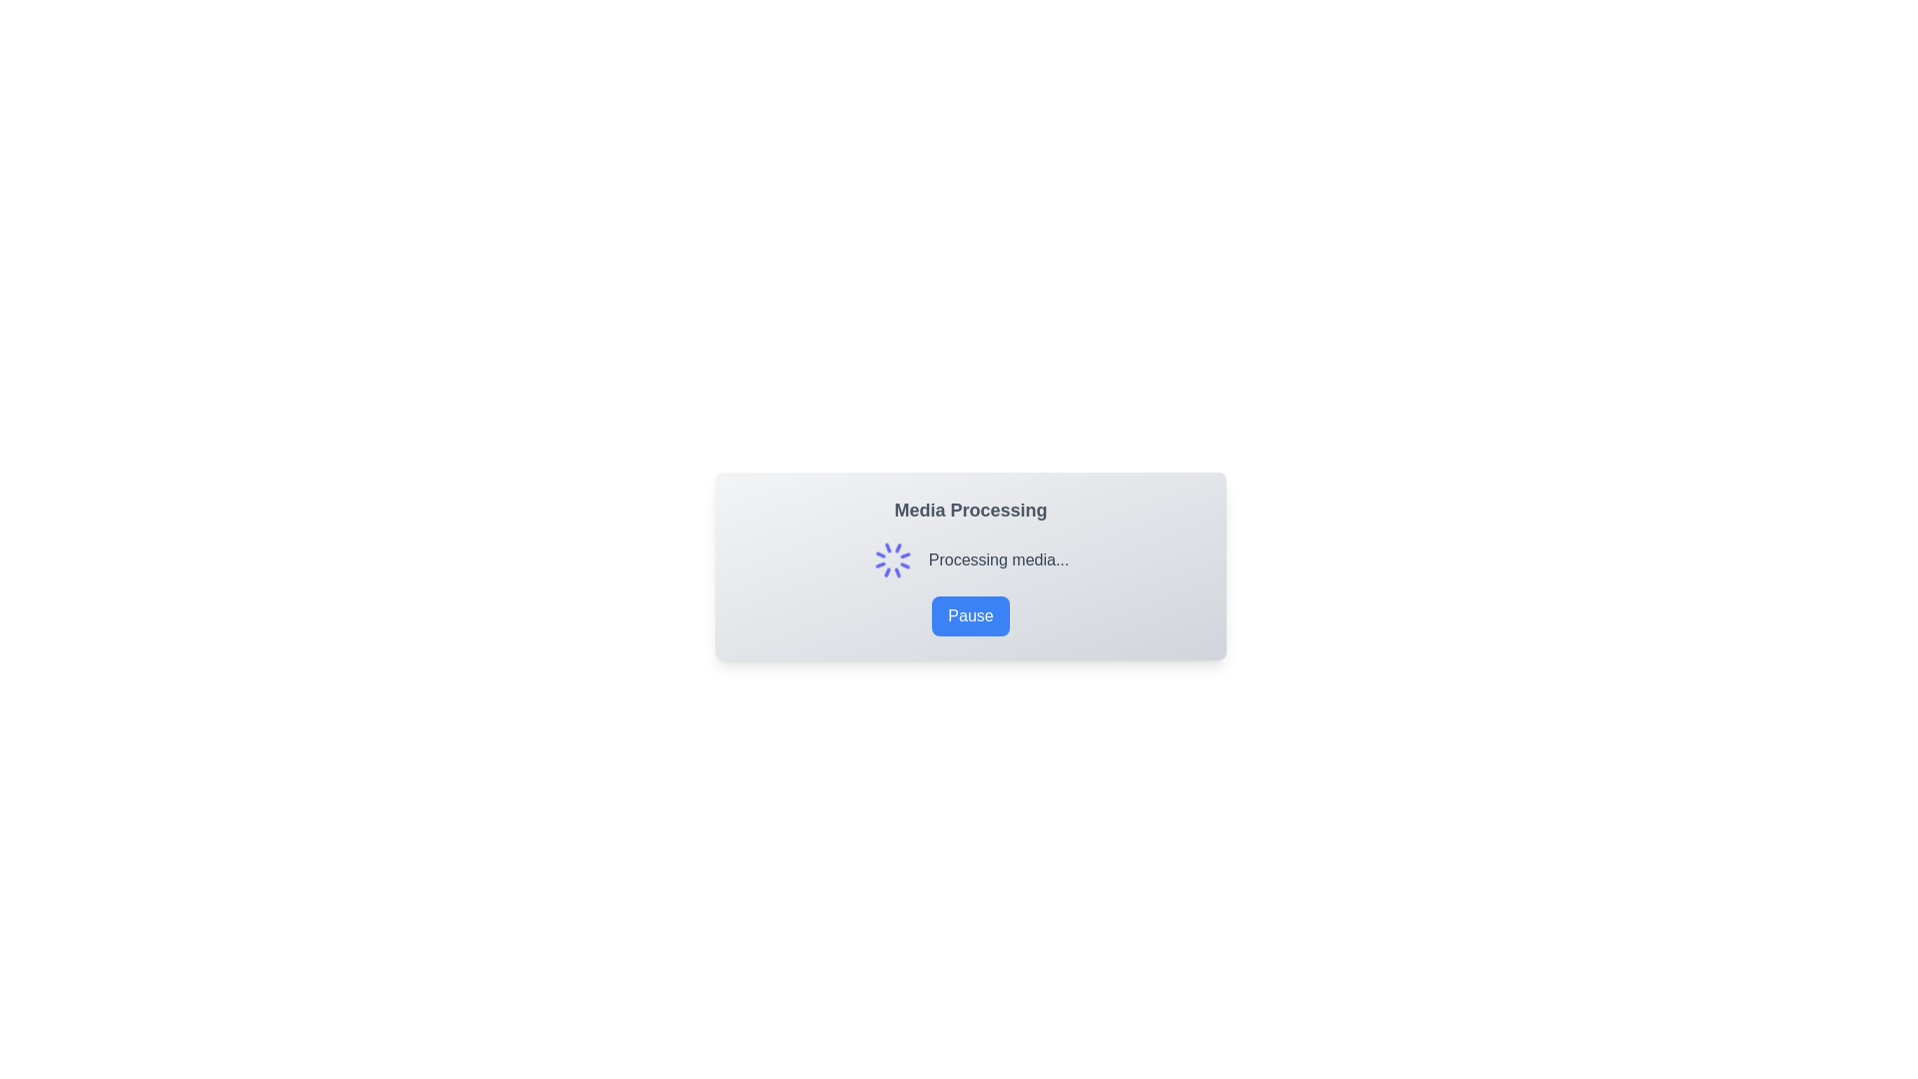  What do you see at coordinates (970, 559) in the screenshot?
I see `the centered notification displaying 'Processing media...' with a spinning loader icon in indigo, located underneath the title 'Media Processing'` at bounding box center [970, 559].